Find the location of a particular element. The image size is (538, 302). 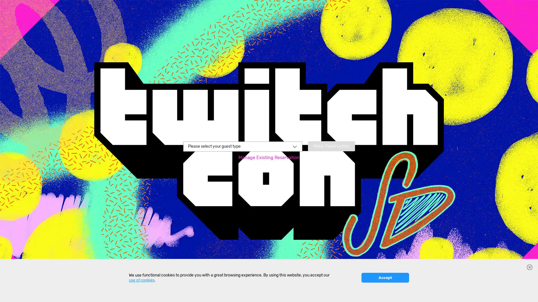

Make Reservation is located at coordinates (331, 145).